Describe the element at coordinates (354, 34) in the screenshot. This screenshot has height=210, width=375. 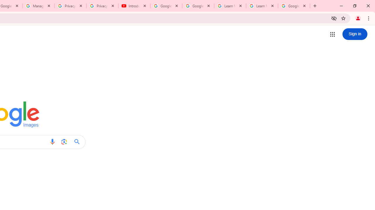
I see `'Sign in'` at that location.